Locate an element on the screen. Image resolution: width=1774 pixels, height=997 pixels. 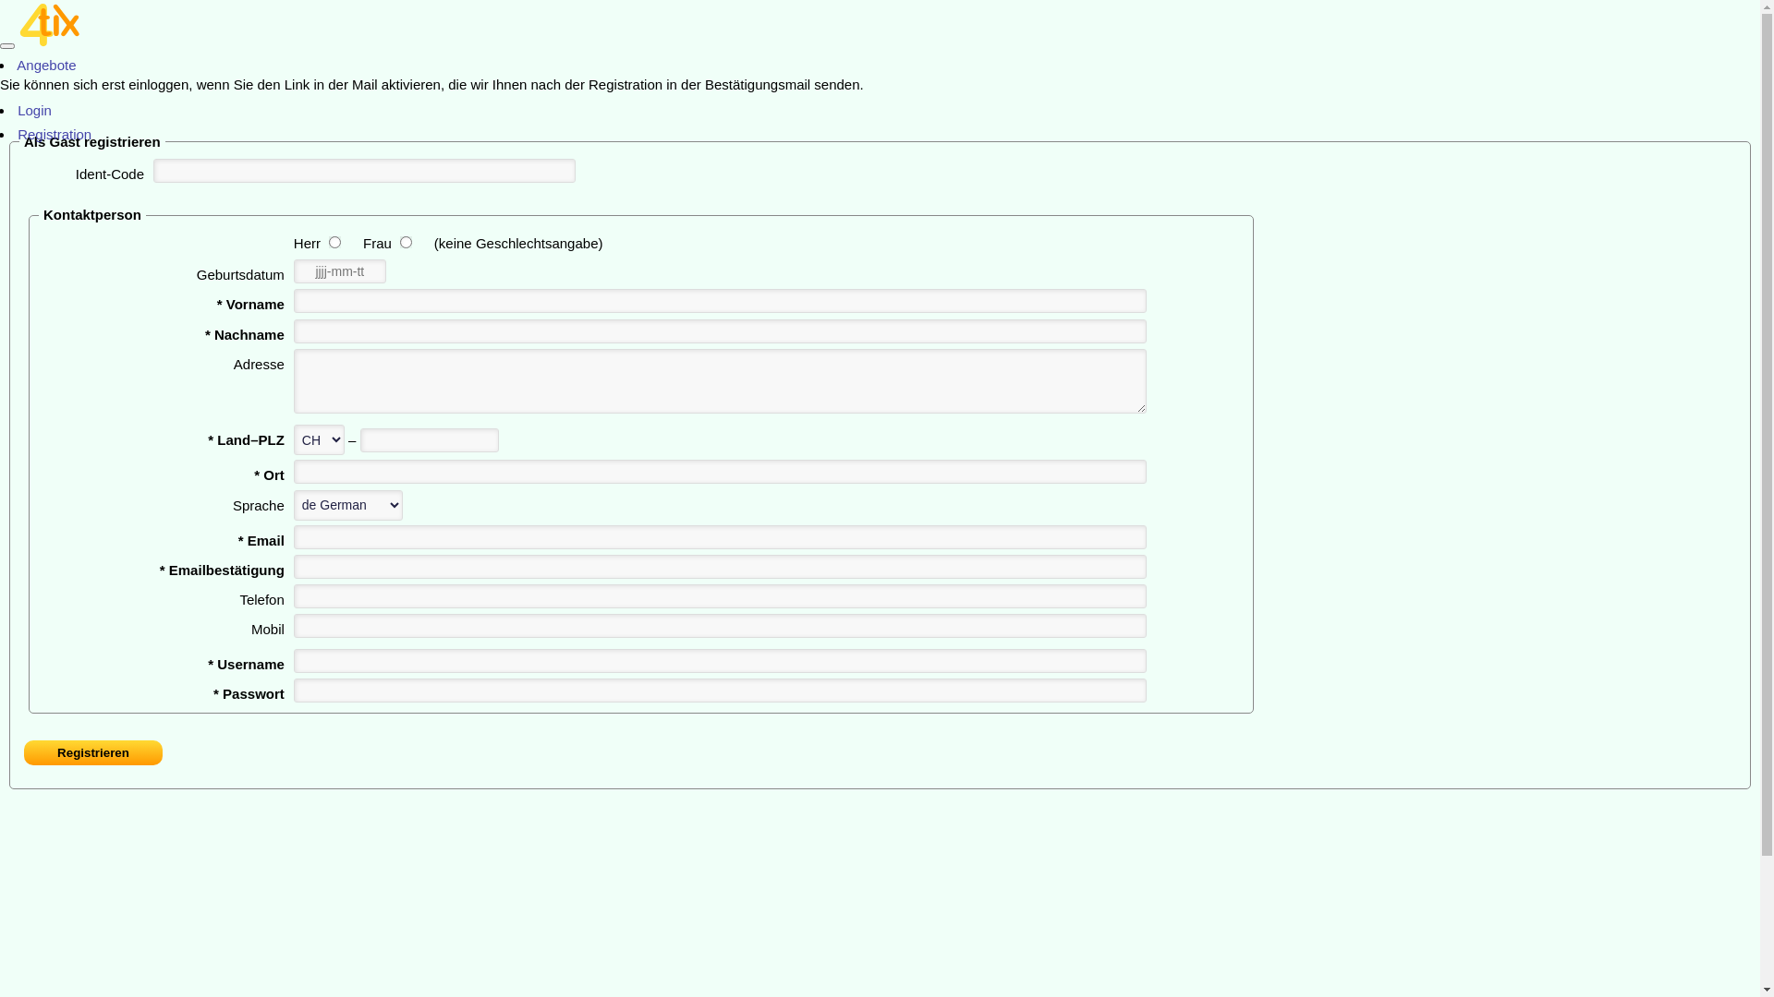
'Registrieren' is located at coordinates (91, 752).